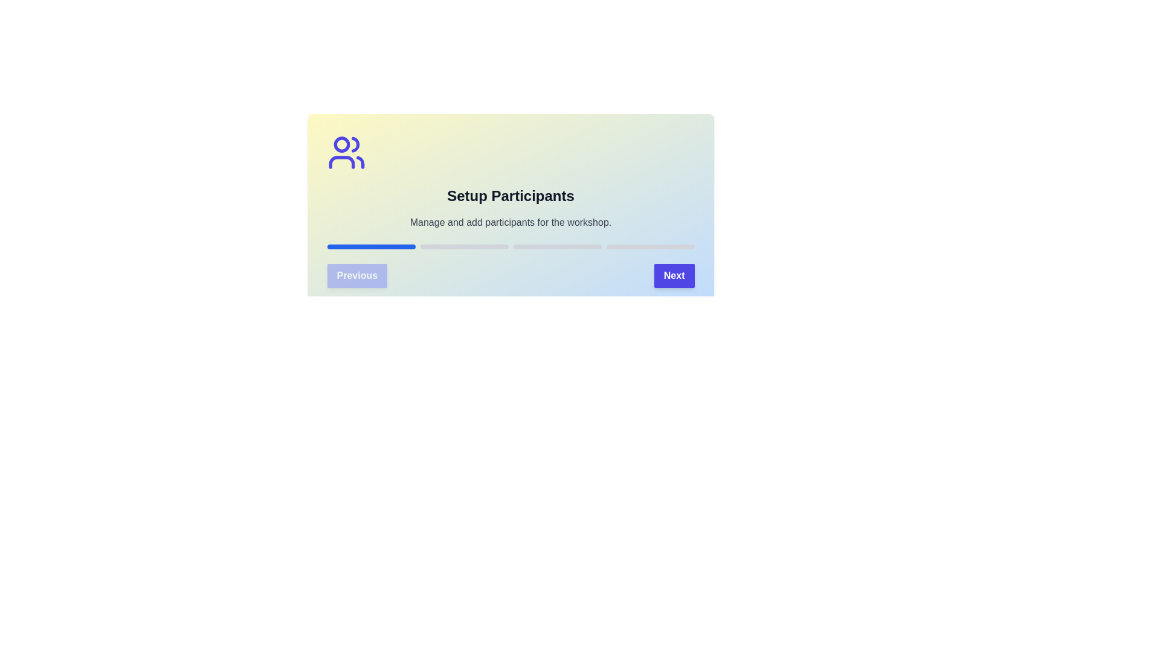 The height and width of the screenshot is (652, 1160). I want to click on the 'Next' button to navigate to the next stage, so click(674, 275).